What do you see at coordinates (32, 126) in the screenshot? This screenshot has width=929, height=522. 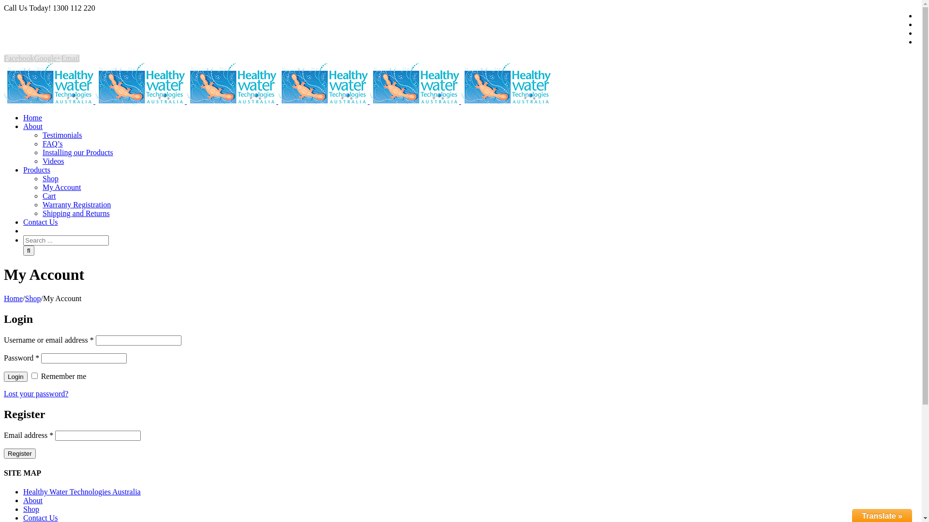 I see `'About'` at bounding box center [32, 126].